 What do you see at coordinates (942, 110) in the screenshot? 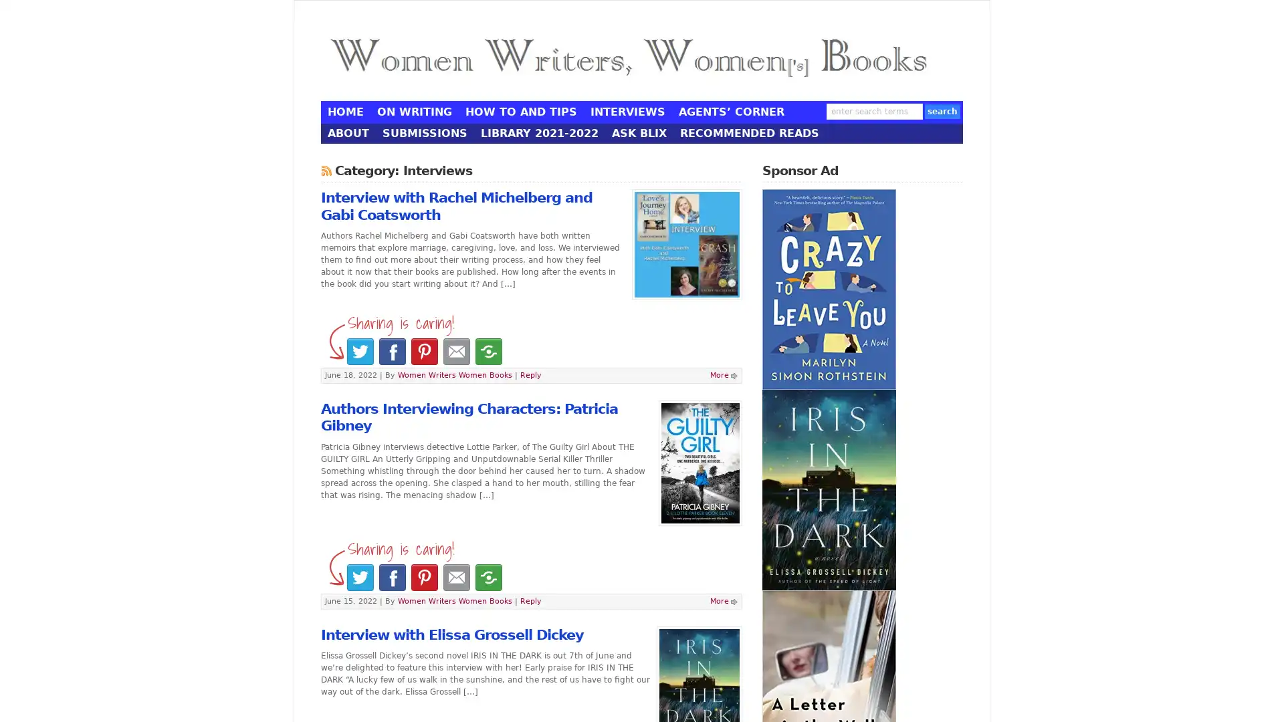
I see `search` at bounding box center [942, 110].